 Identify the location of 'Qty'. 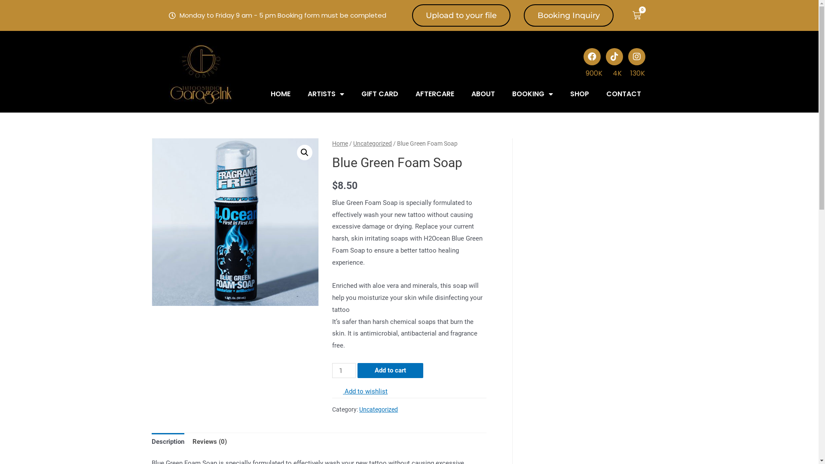
(331, 370).